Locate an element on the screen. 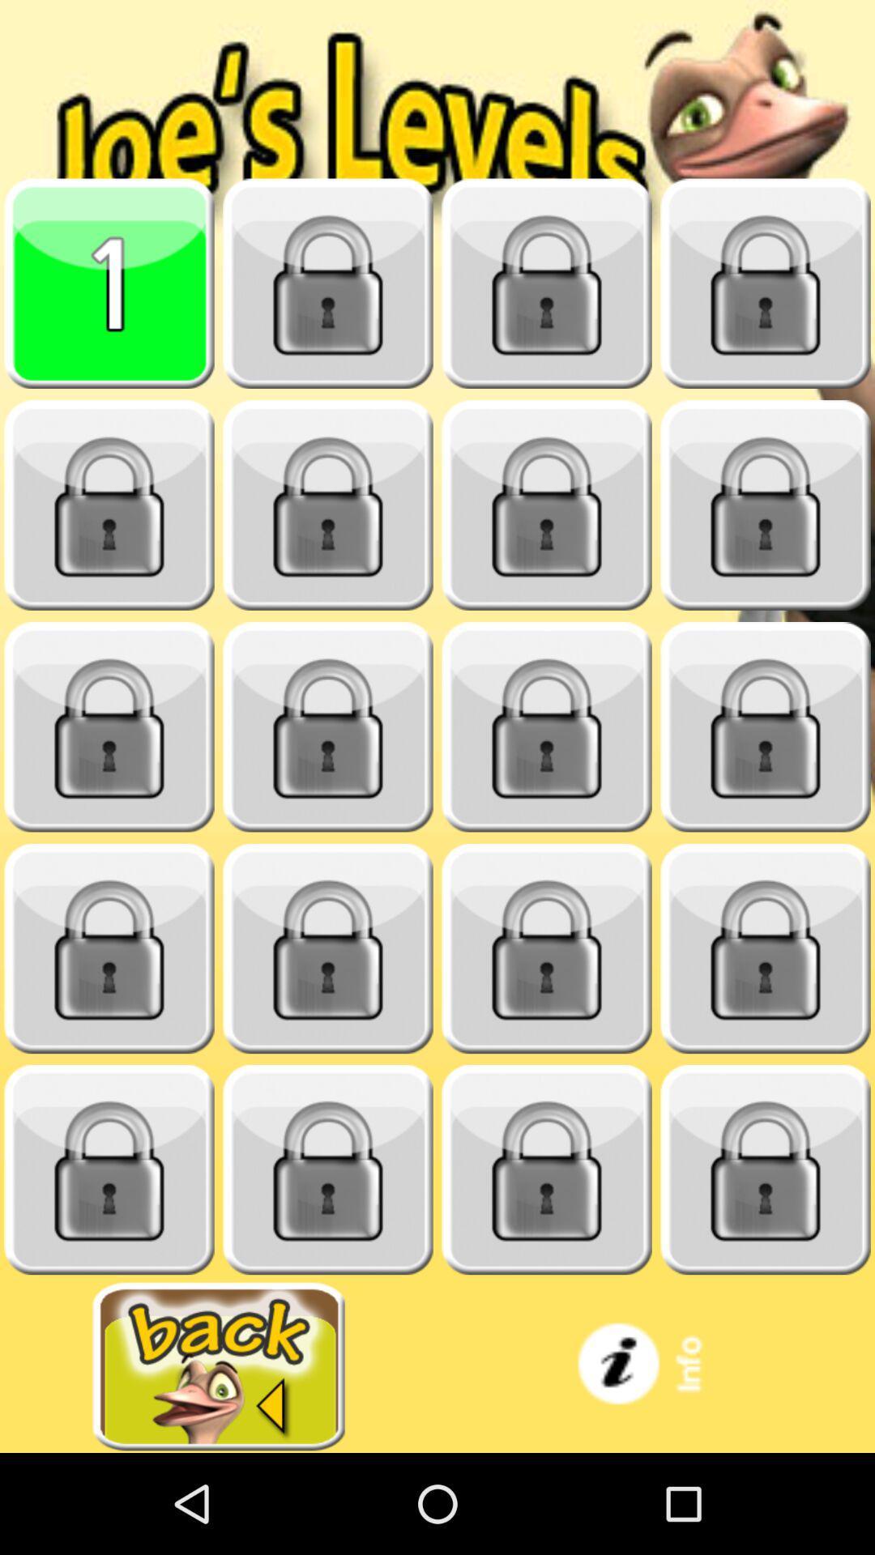 This screenshot has height=1555, width=875. locked level is located at coordinates (328, 948).